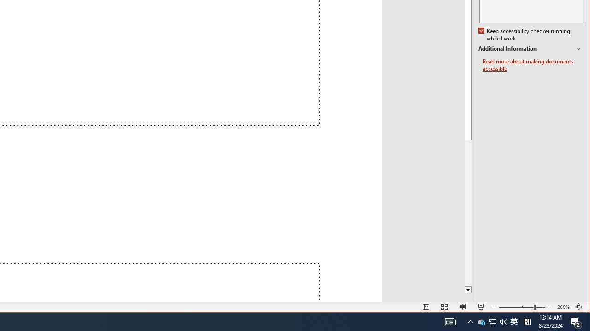 The height and width of the screenshot is (331, 590). Describe the element at coordinates (531, 49) in the screenshot. I see `'Additional Information'` at that location.